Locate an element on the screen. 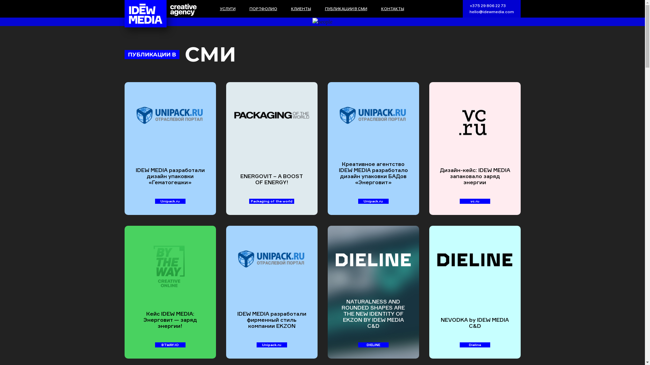 This screenshot has height=365, width=650. 'NEVODKA by IDEW MEDIA C&D is located at coordinates (429, 292).